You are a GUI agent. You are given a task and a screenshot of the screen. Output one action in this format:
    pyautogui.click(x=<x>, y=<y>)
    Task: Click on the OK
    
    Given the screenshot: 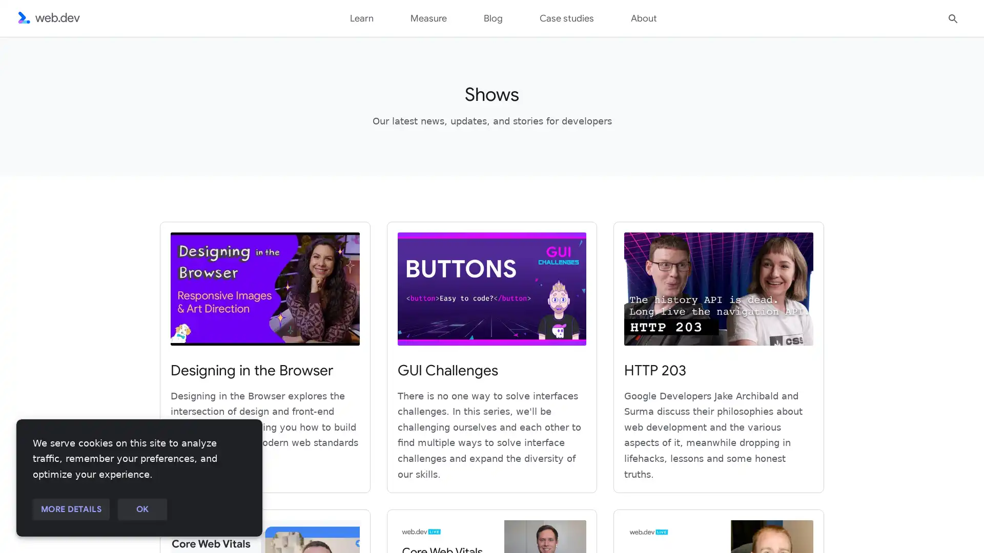 What is the action you would take?
    pyautogui.click(x=141, y=509)
    